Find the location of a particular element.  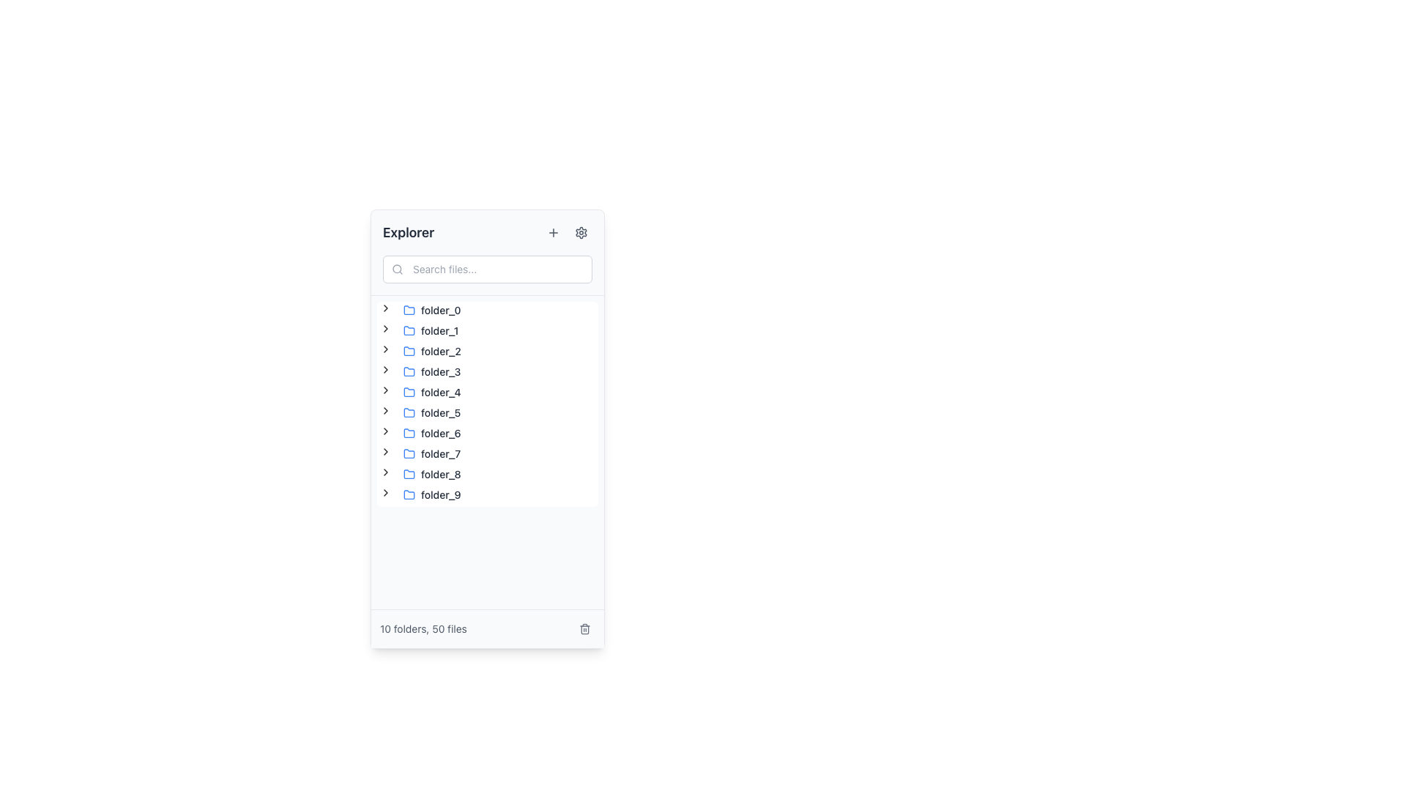

the text label 'folder_0' located is located at coordinates (440, 310).